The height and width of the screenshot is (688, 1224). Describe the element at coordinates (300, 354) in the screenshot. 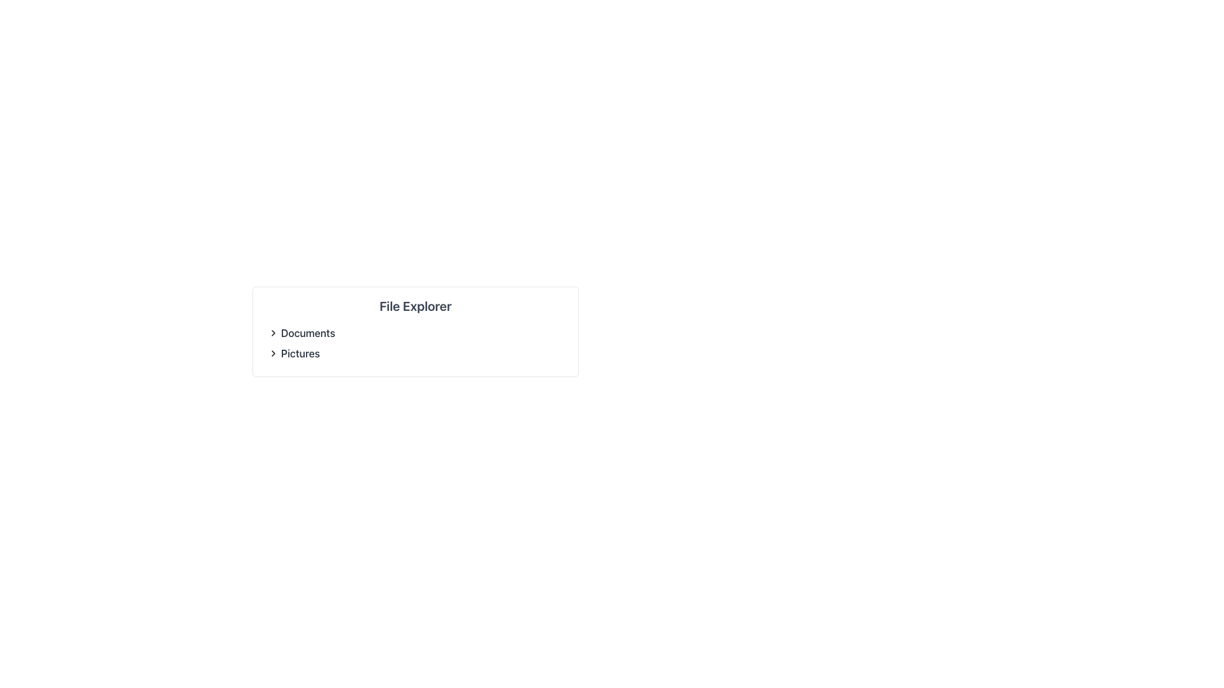

I see `the 'Pictures' label in the file navigation interface` at that location.